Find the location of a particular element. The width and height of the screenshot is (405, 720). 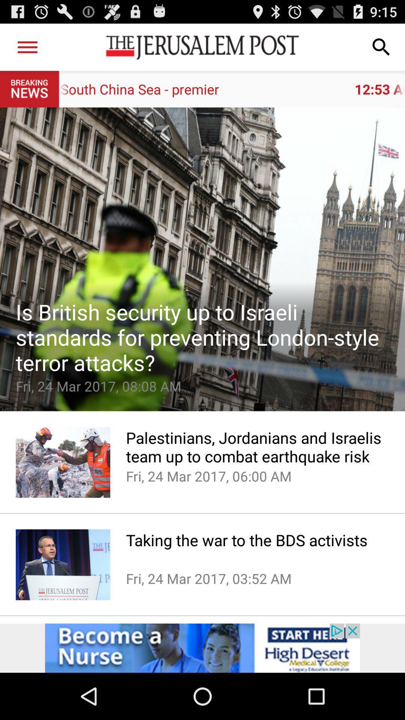

site directory is located at coordinates (27, 46).